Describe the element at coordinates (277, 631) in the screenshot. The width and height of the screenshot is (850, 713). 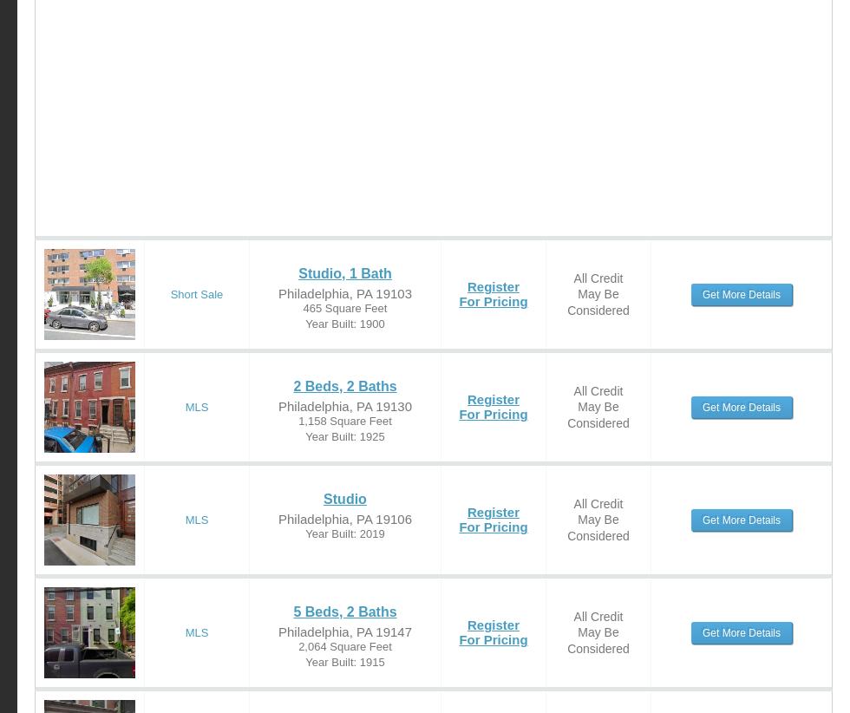
I see `'Philadelphia, PA 19147'` at that location.